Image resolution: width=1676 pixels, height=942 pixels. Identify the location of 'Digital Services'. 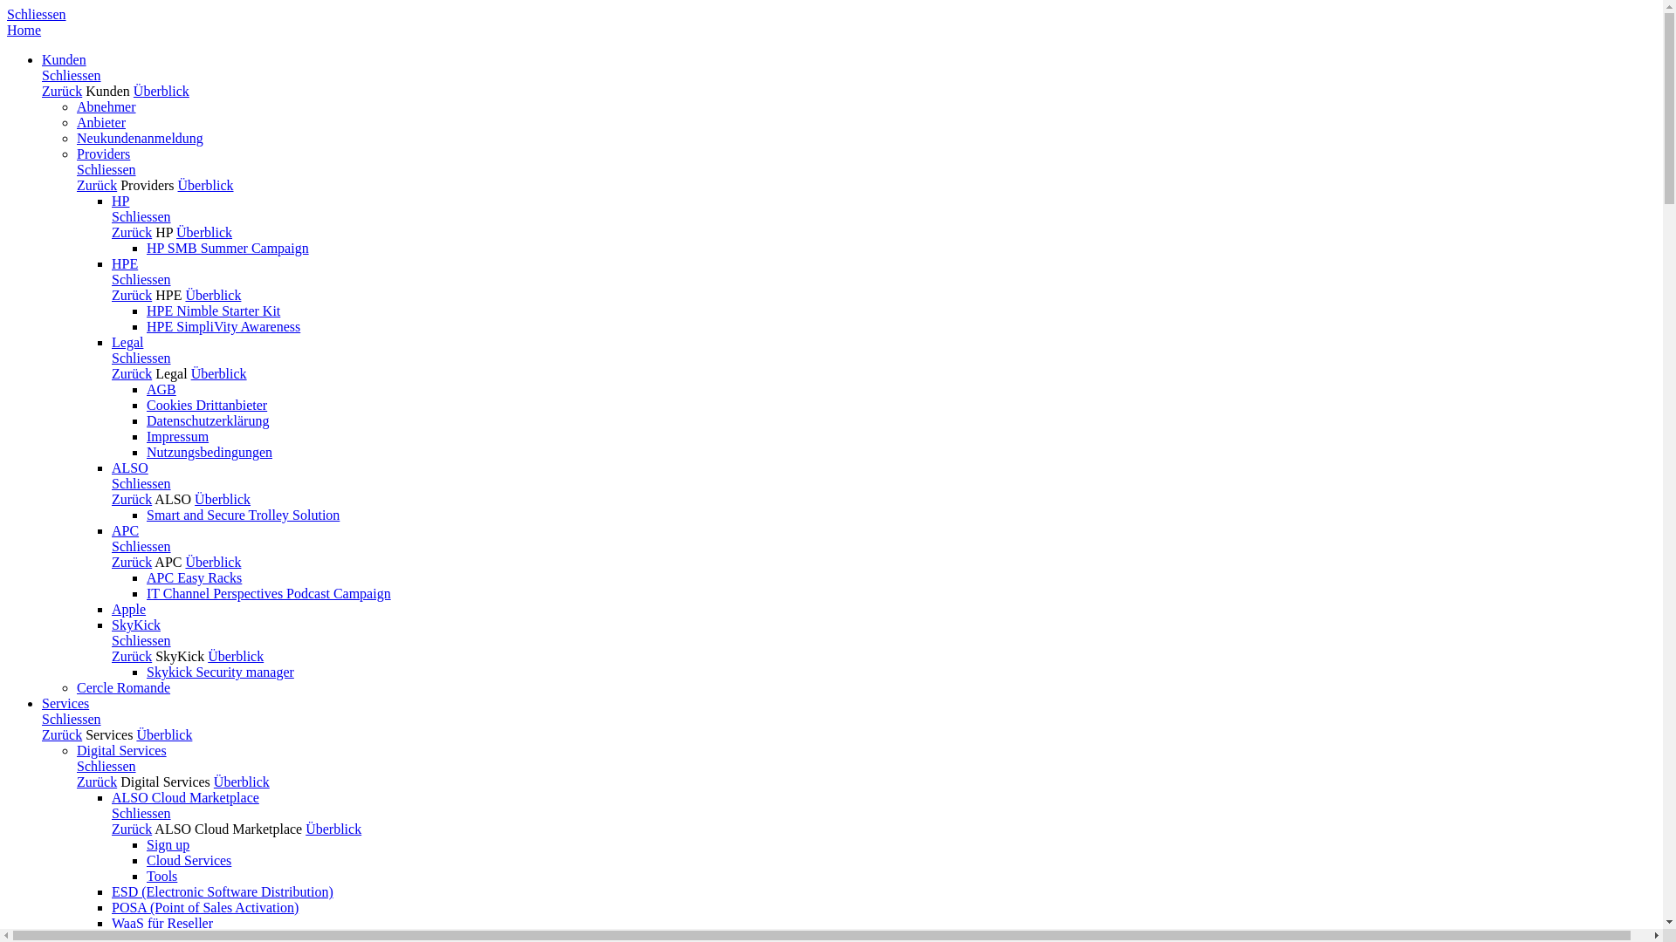
(165, 781).